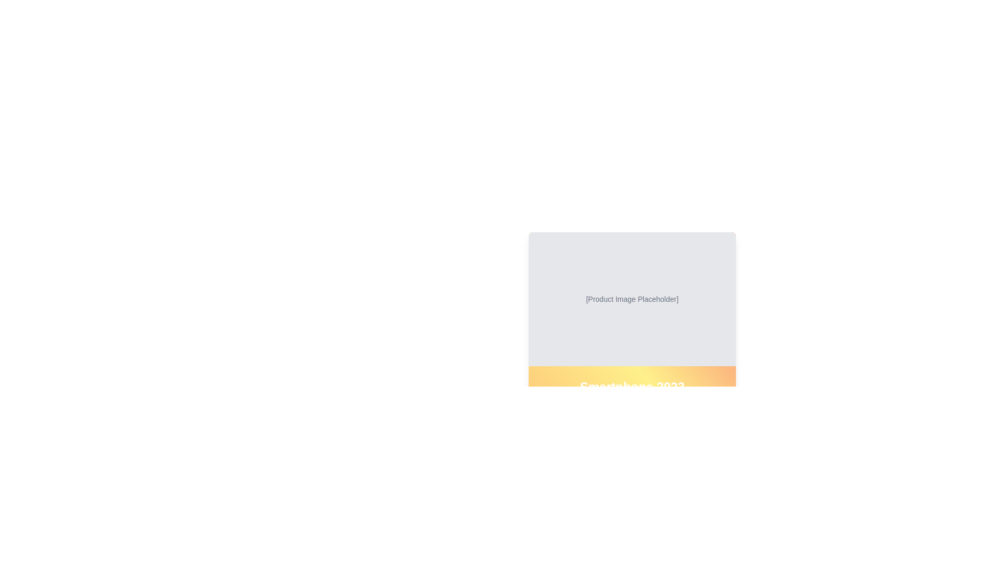 This screenshot has height=565, width=1005. I want to click on the text label that indicates the product image placeholder, which displays the text '[Product Image Placeholder]' centered in a light gray box, so click(632, 299).